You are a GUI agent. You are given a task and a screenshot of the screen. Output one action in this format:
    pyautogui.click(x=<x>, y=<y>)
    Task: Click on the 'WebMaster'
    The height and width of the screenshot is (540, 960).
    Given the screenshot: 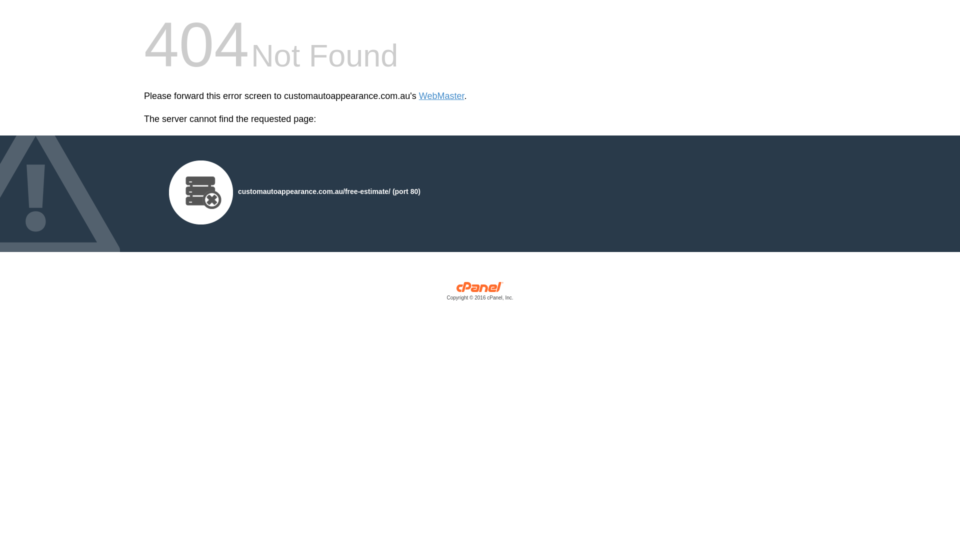 What is the action you would take?
    pyautogui.click(x=441, y=96)
    